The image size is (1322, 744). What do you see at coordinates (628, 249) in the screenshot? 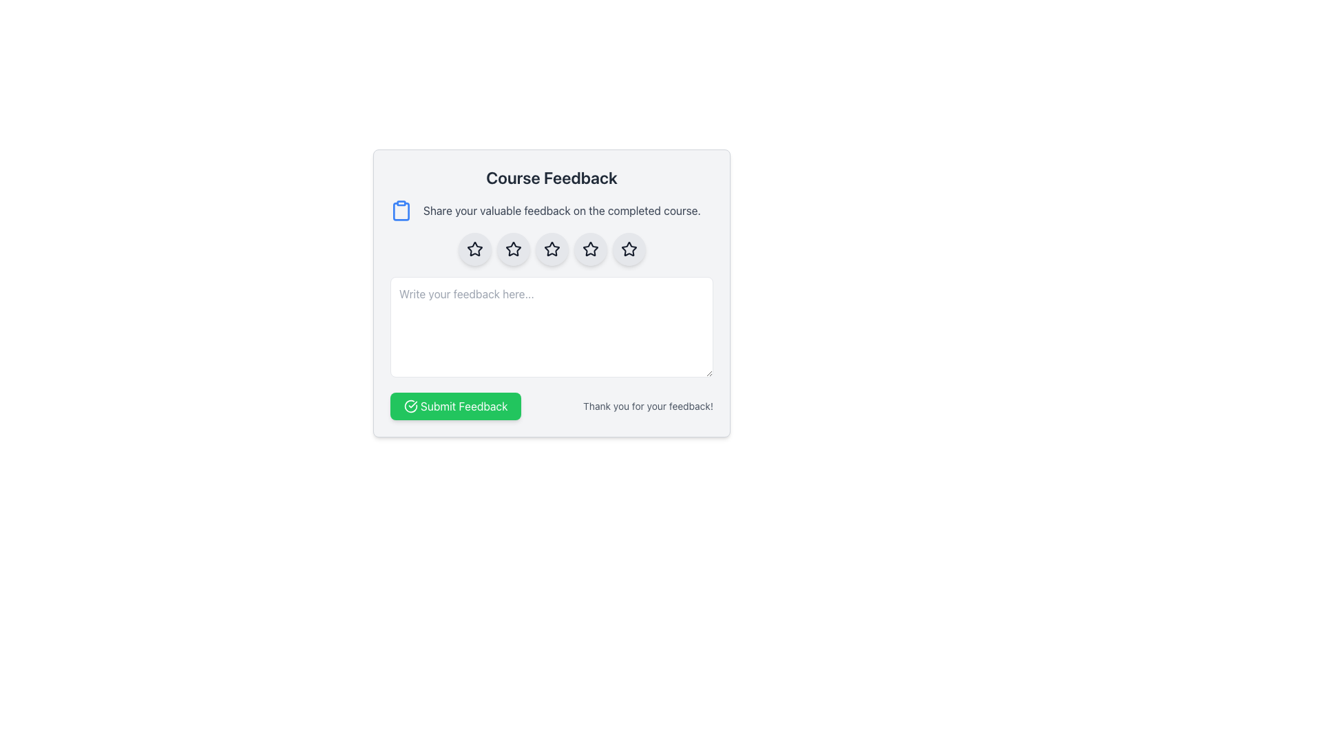
I see `the last star icon in the rating section` at bounding box center [628, 249].